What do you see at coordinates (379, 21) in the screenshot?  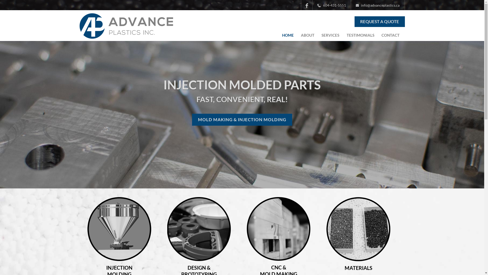 I see `'REQUEST A QUOTE'` at bounding box center [379, 21].